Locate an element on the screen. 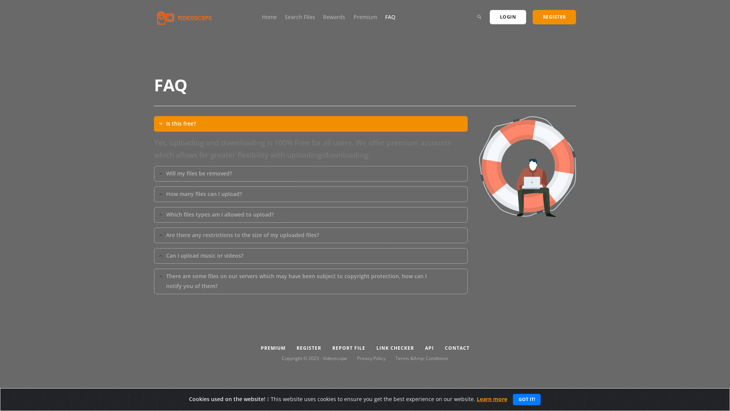 This screenshot has height=411, width=730. 'Rewards' is located at coordinates (334, 17).